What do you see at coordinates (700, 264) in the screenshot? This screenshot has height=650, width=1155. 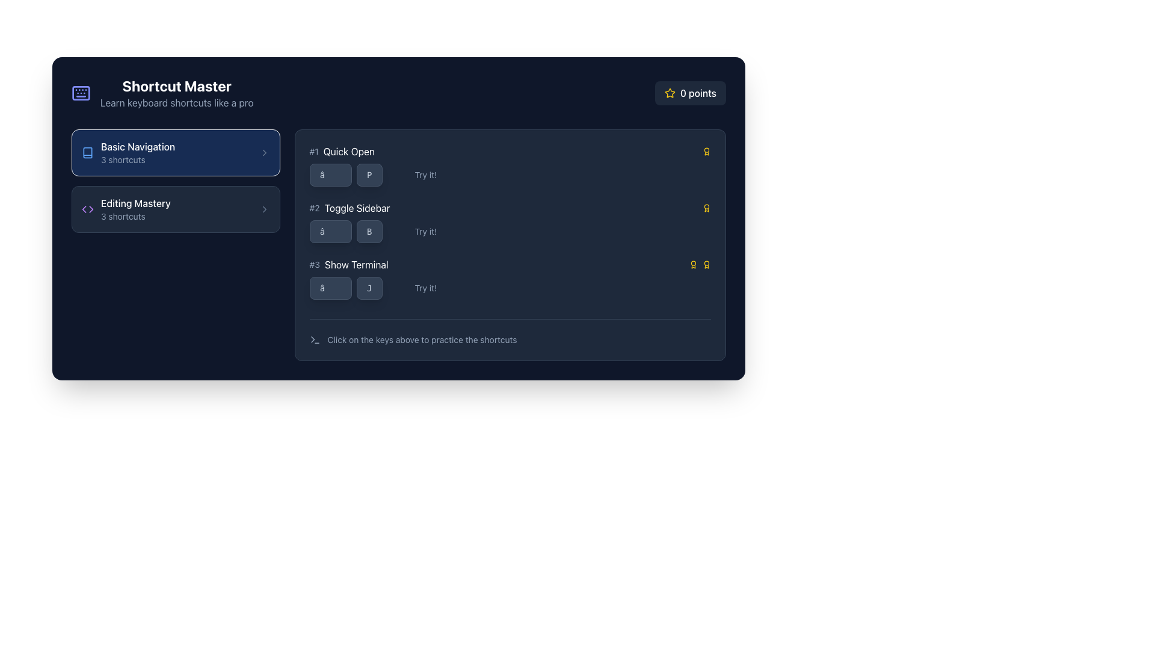 I see `the icon group consisting of two adjacent medal-style icons with yellow accents located in the top-right corner of the '#3 Show Terminal' row` at bounding box center [700, 264].